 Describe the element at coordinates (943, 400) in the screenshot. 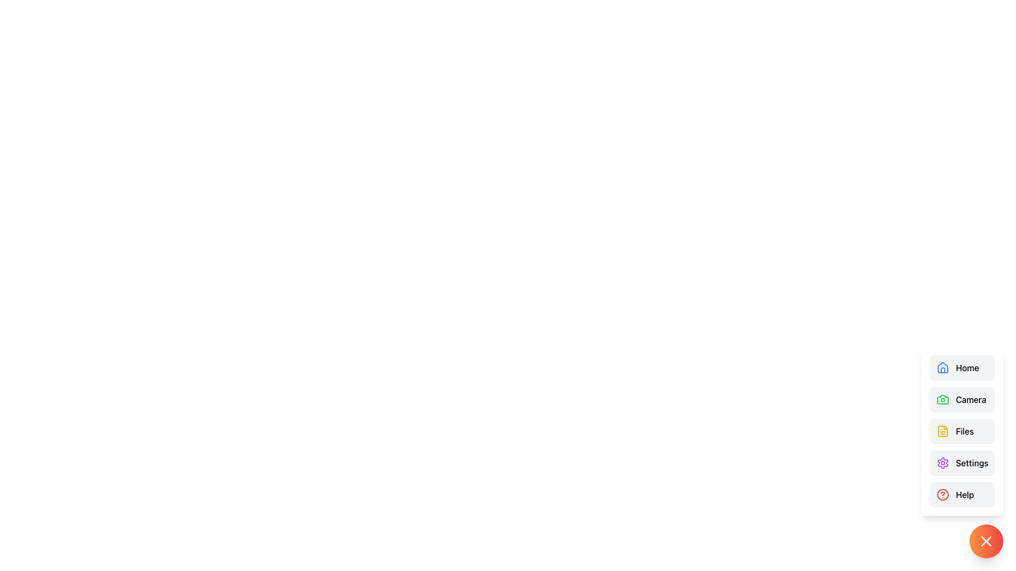

I see `the icon in the sidebar that represents the 'Camera' feature, located directly to the left of the text 'Camera'` at that location.